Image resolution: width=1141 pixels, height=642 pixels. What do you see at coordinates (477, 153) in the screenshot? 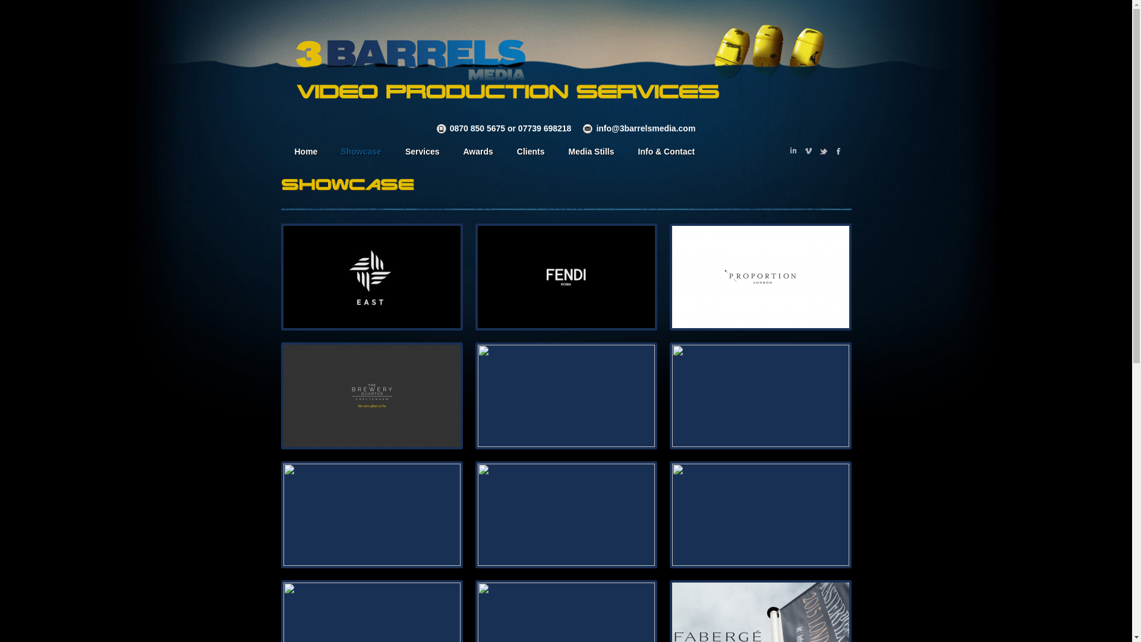
I see `'Awards'` at bounding box center [477, 153].